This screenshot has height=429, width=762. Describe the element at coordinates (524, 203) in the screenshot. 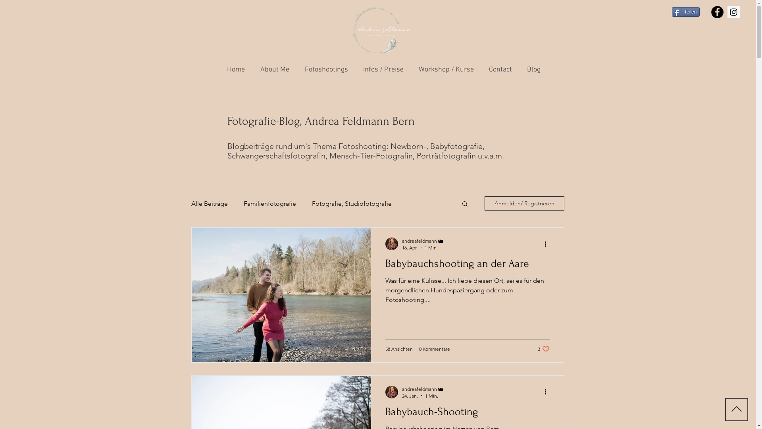

I see `'Anmelden/ Registrieren'` at that location.